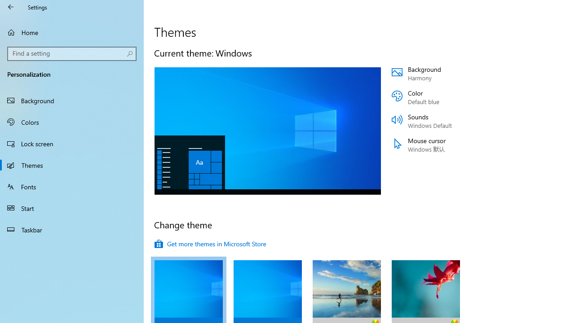  I want to click on 'Search box, Find a setting', so click(72, 53).